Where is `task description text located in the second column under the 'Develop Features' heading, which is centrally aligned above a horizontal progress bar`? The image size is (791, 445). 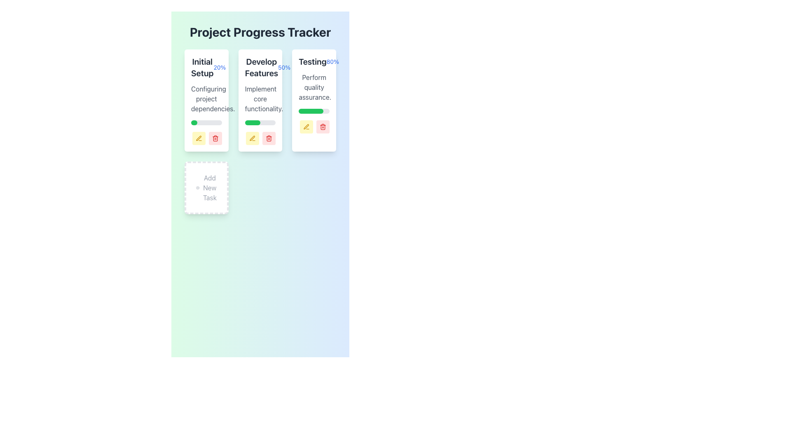 task description text located in the second column under the 'Develop Features' heading, which is centrally aligned above a horizontal progress bar is located at coordinates (260, 98).